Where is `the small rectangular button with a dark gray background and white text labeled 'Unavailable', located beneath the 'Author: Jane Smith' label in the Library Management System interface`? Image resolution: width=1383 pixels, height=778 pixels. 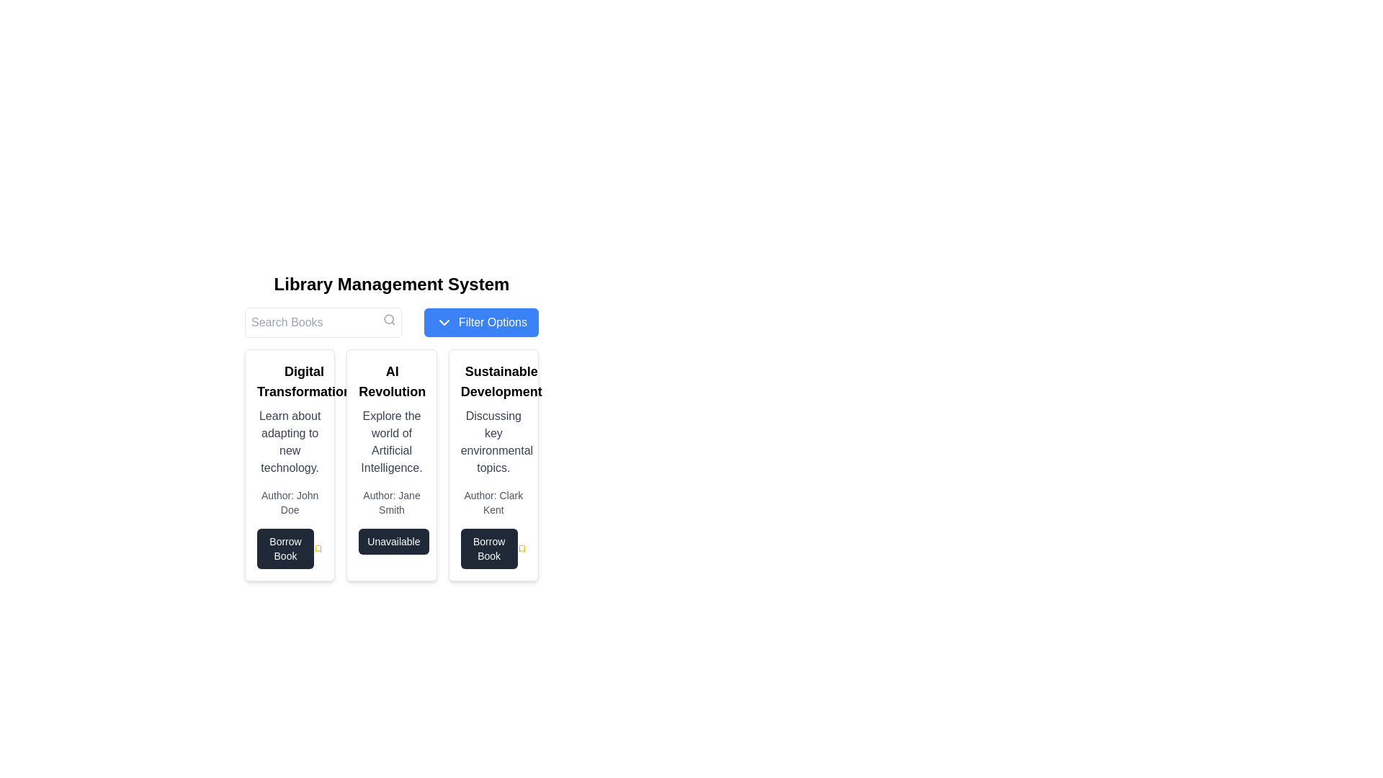 the small rectangular button with a dark gray background and white text labeled 'Unavailable', located beneath the 'Author: Jane Smith' label in the Library Management System interface is located at coordinates (391, 542).